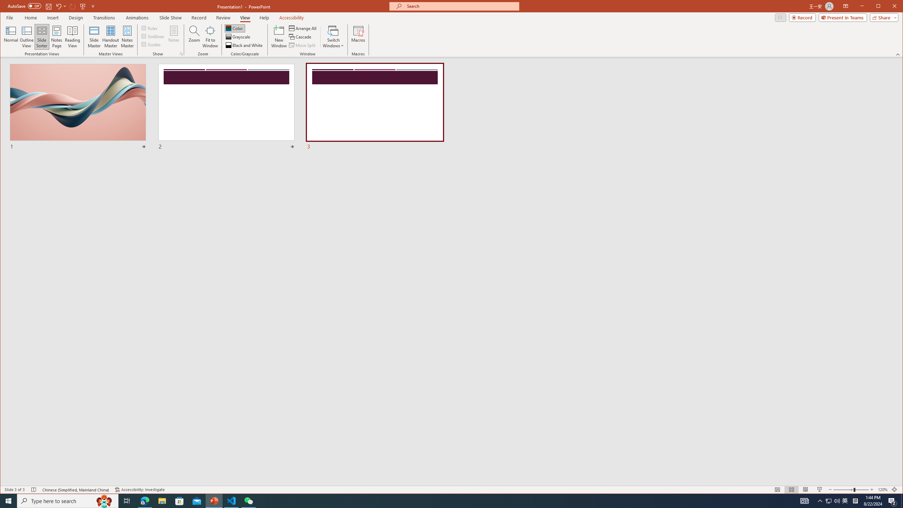  Describe the element at coordinates (152, 36) in the screenshot. I see `'Gridlines'` at that location.